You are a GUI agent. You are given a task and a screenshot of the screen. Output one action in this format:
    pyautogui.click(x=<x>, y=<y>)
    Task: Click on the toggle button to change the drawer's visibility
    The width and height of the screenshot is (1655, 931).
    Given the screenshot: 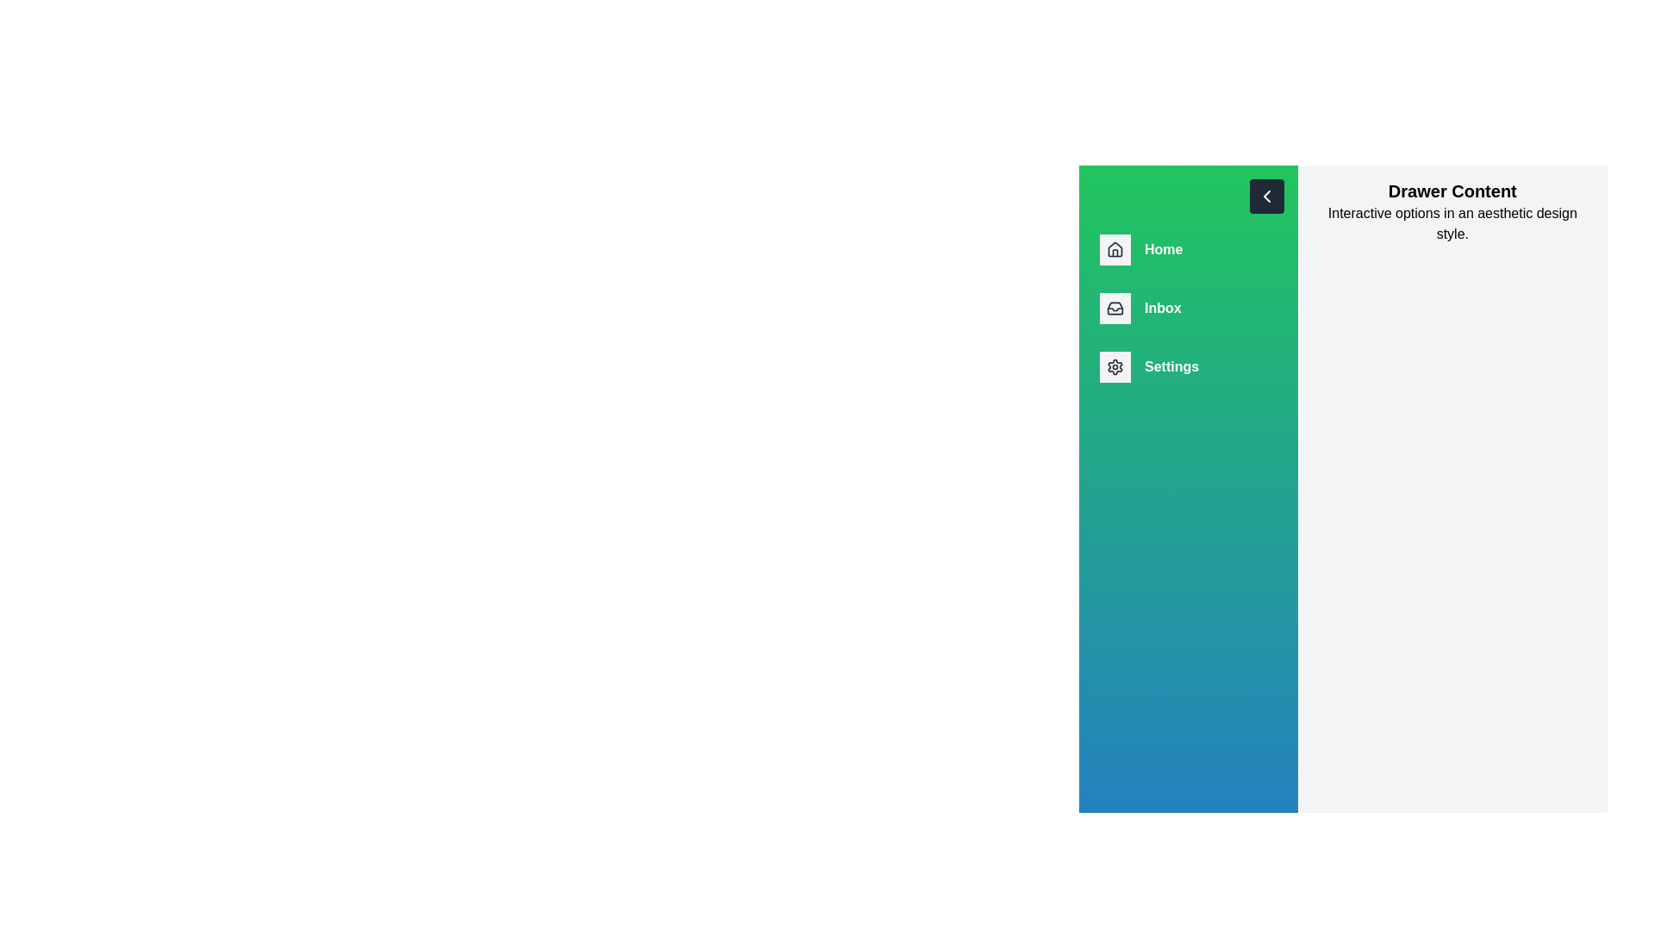 What is the action you would take?
    pyautogui.click(x=1266, y=195)
    